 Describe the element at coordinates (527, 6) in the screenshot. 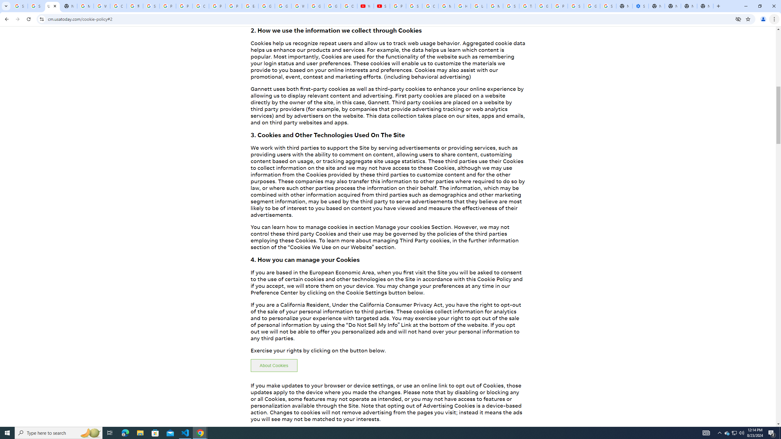

I see `'Trusted Information and Content - Google Safety Center'` at that location.